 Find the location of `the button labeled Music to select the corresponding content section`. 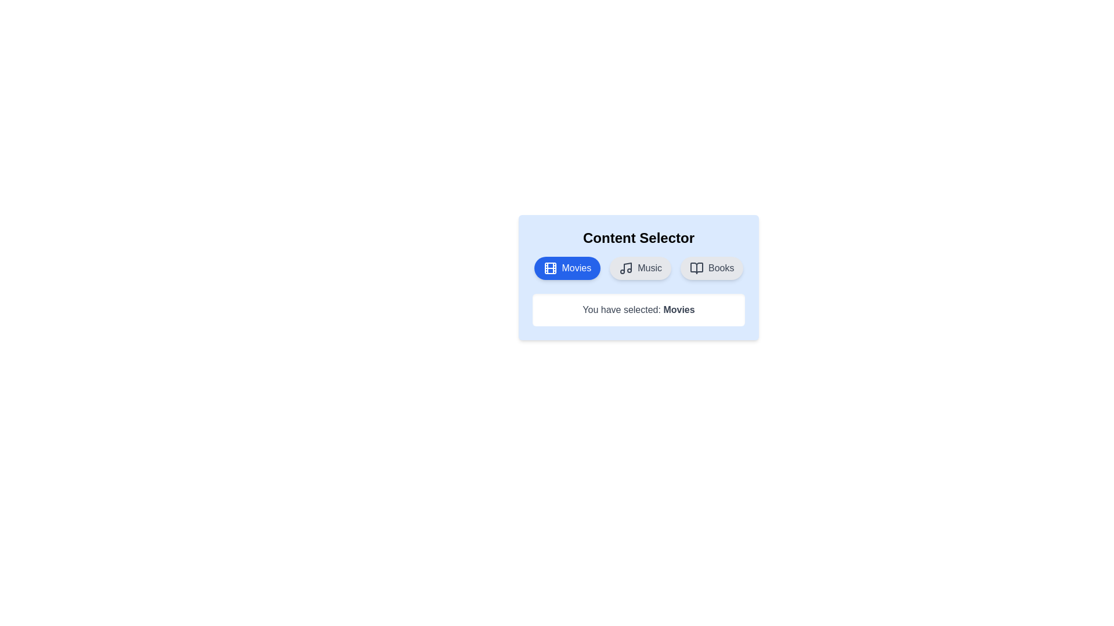

the button labeled Music to select the corresponding content section is located at coordinates (640, 268).